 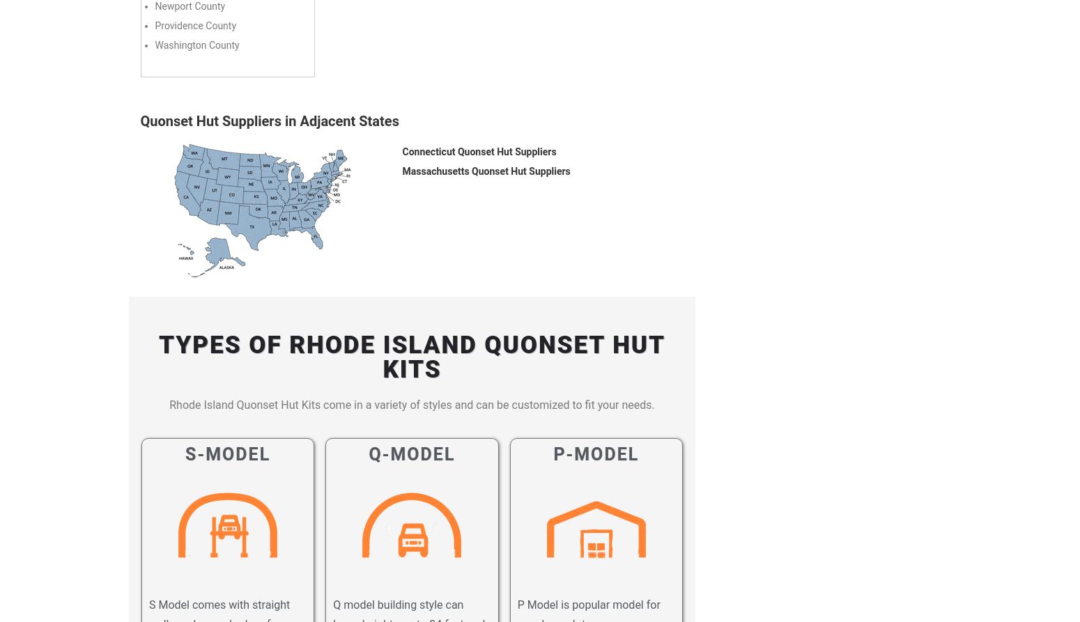 I want to click on 'Quonset Hut Suppliers in Adjacent States', so click(x=139, y=119).